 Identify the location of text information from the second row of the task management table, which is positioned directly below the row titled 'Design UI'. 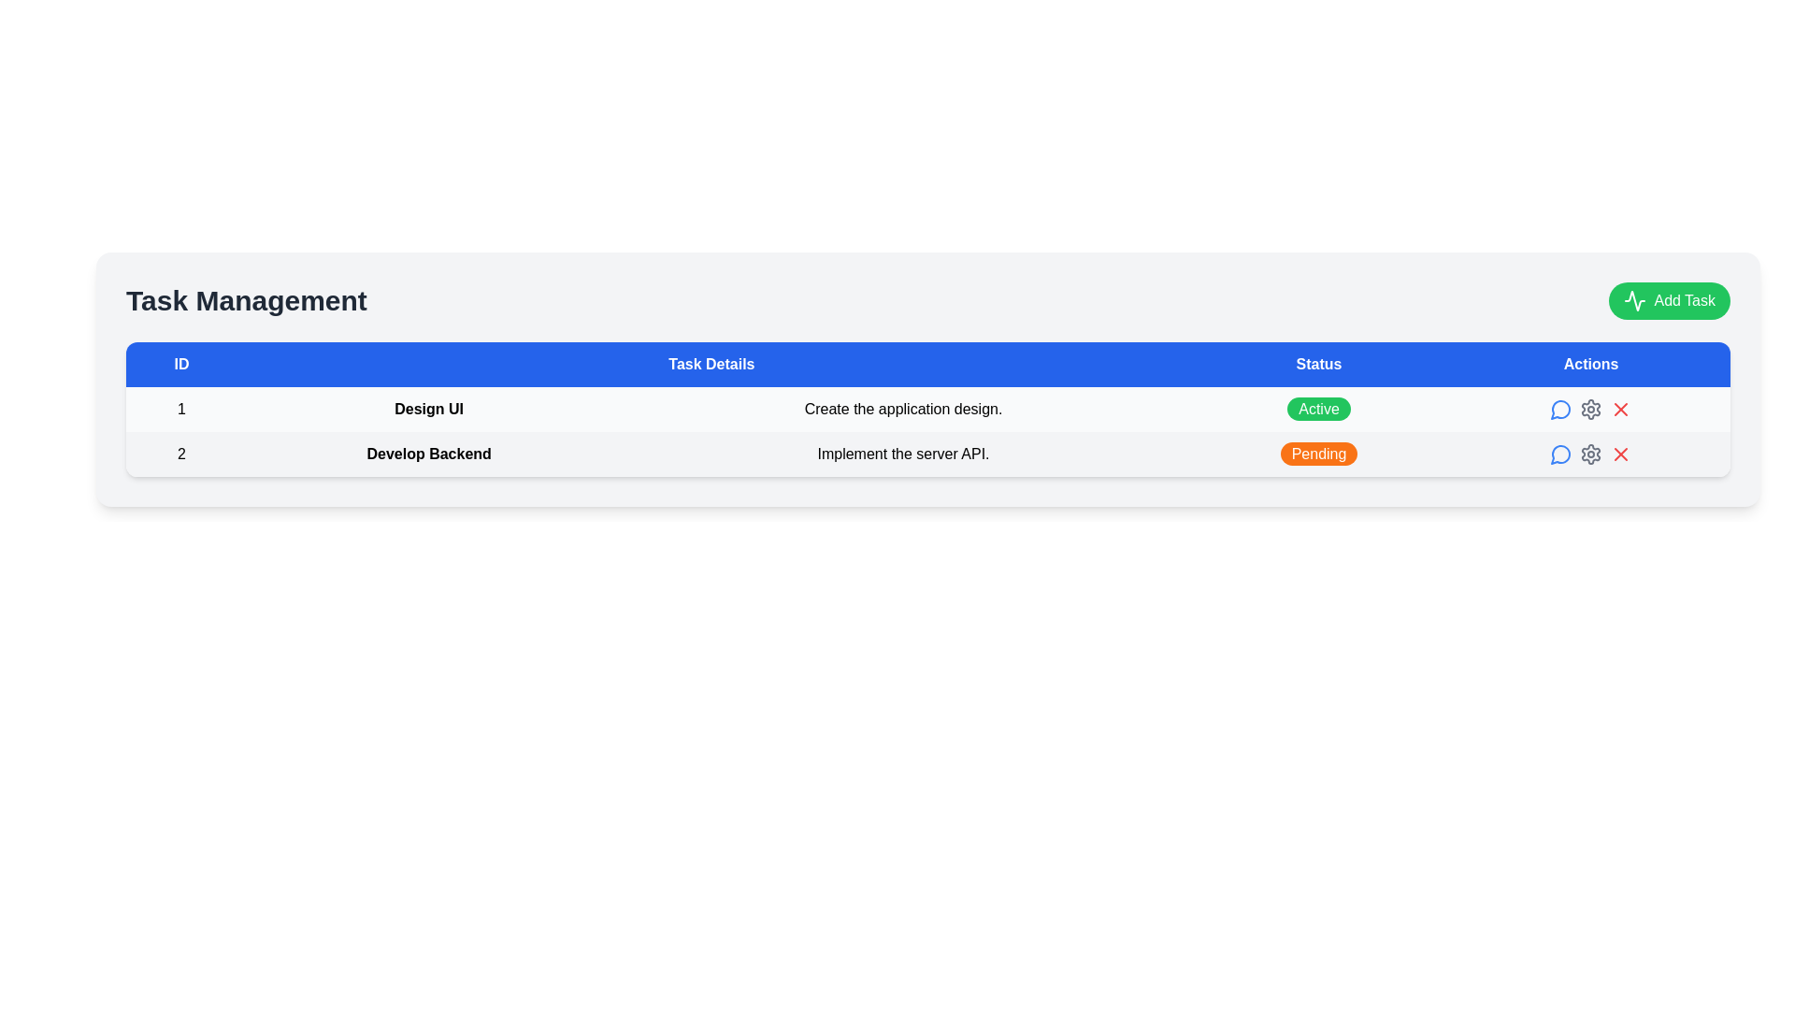
(928, 454).